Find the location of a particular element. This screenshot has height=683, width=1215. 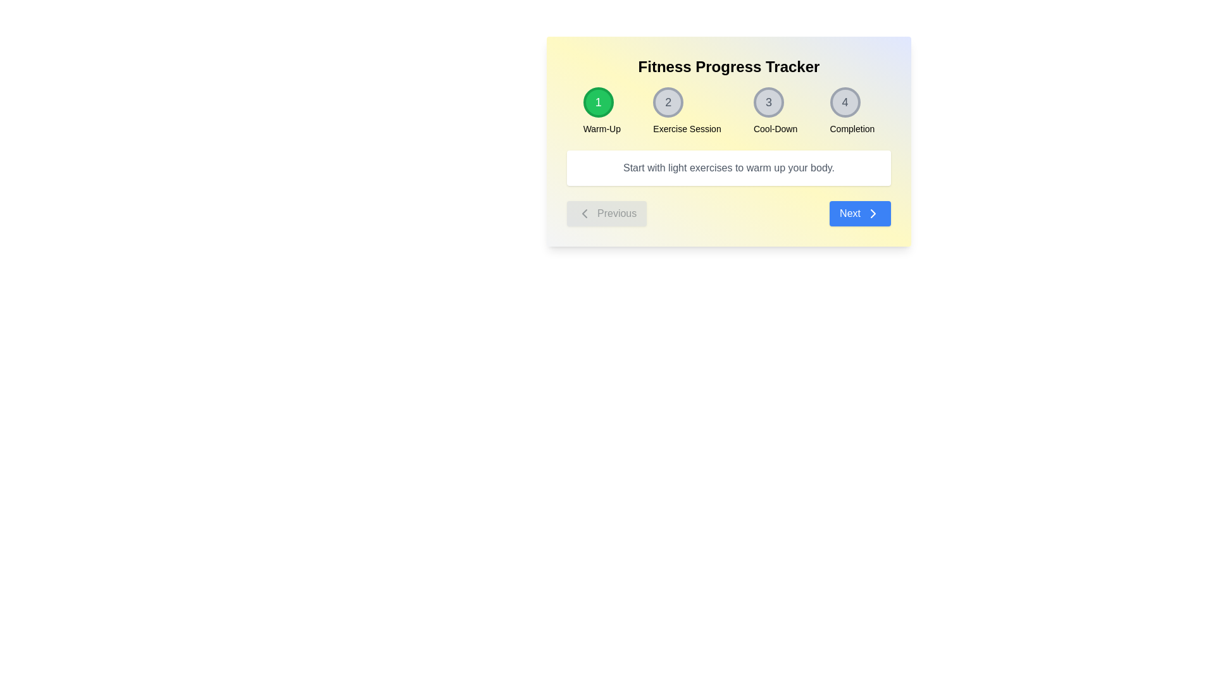

the static text label displaying 'Warm-Up', which is positioned beneath the circular green button with the number '1' is located at coordinates (601, 129).